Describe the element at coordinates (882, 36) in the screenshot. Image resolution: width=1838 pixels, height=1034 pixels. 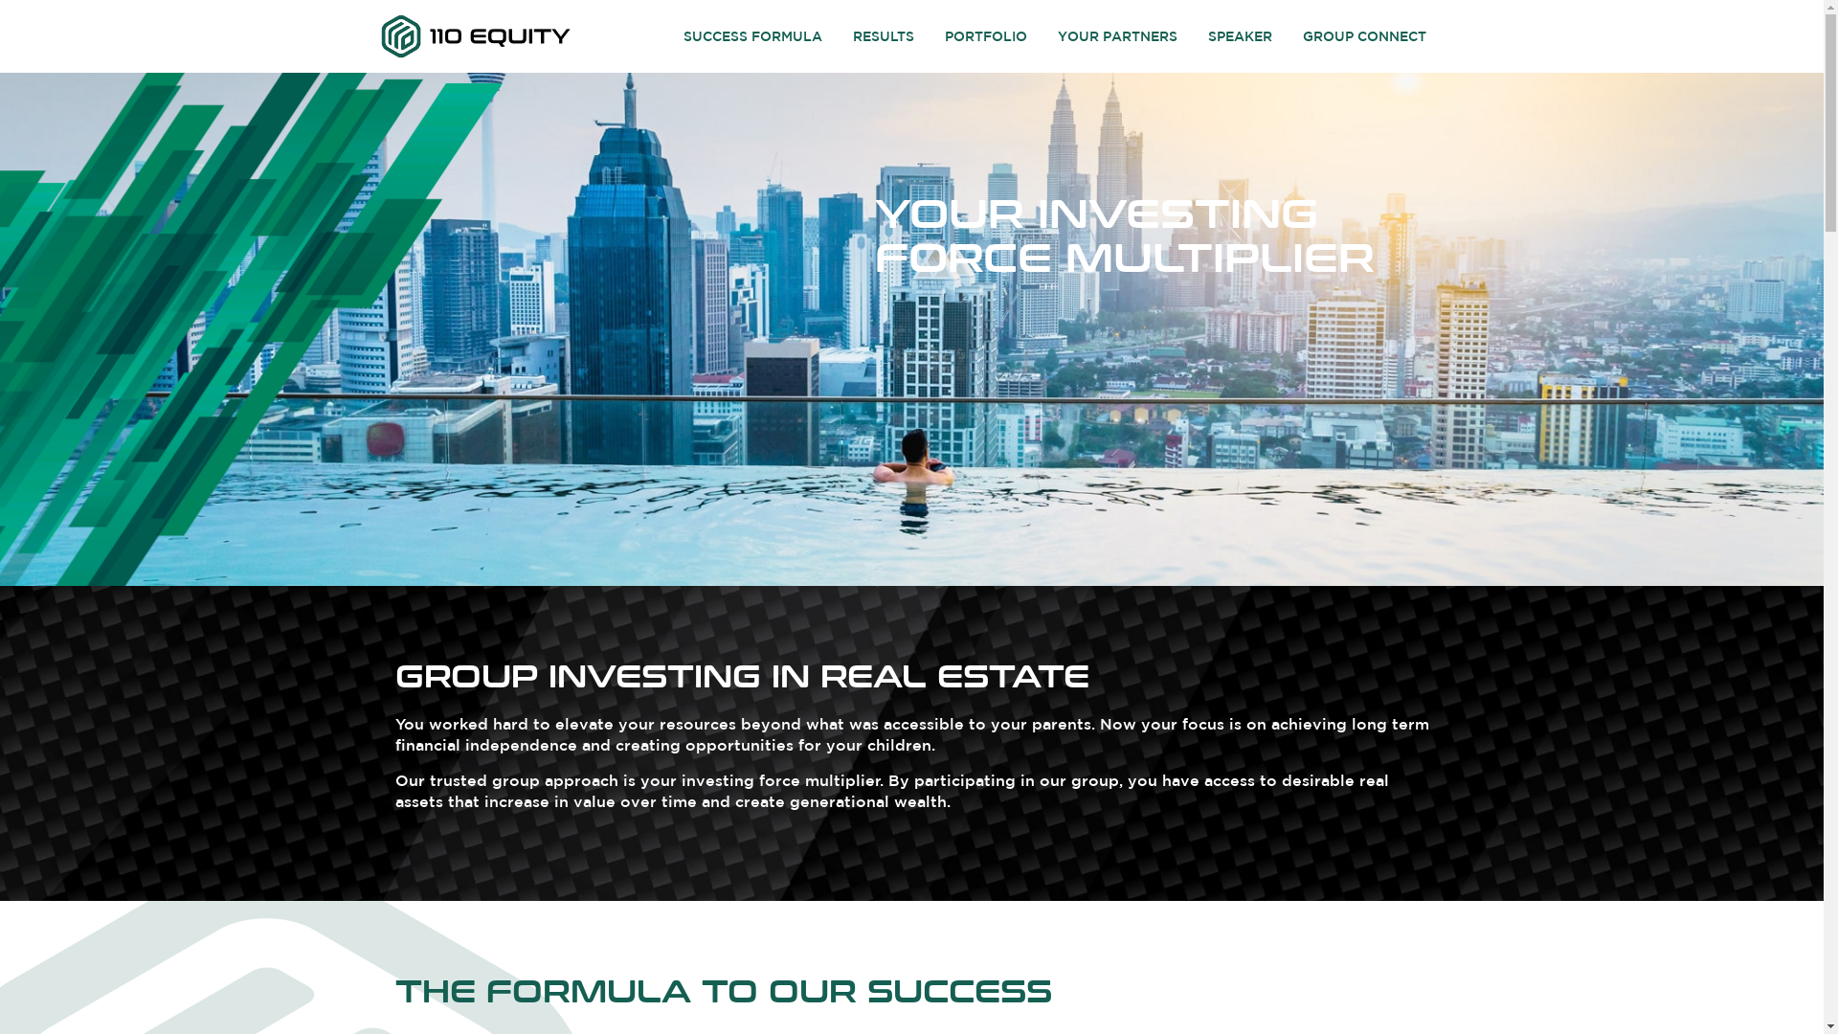
I see `'RESULTS'` at that location.